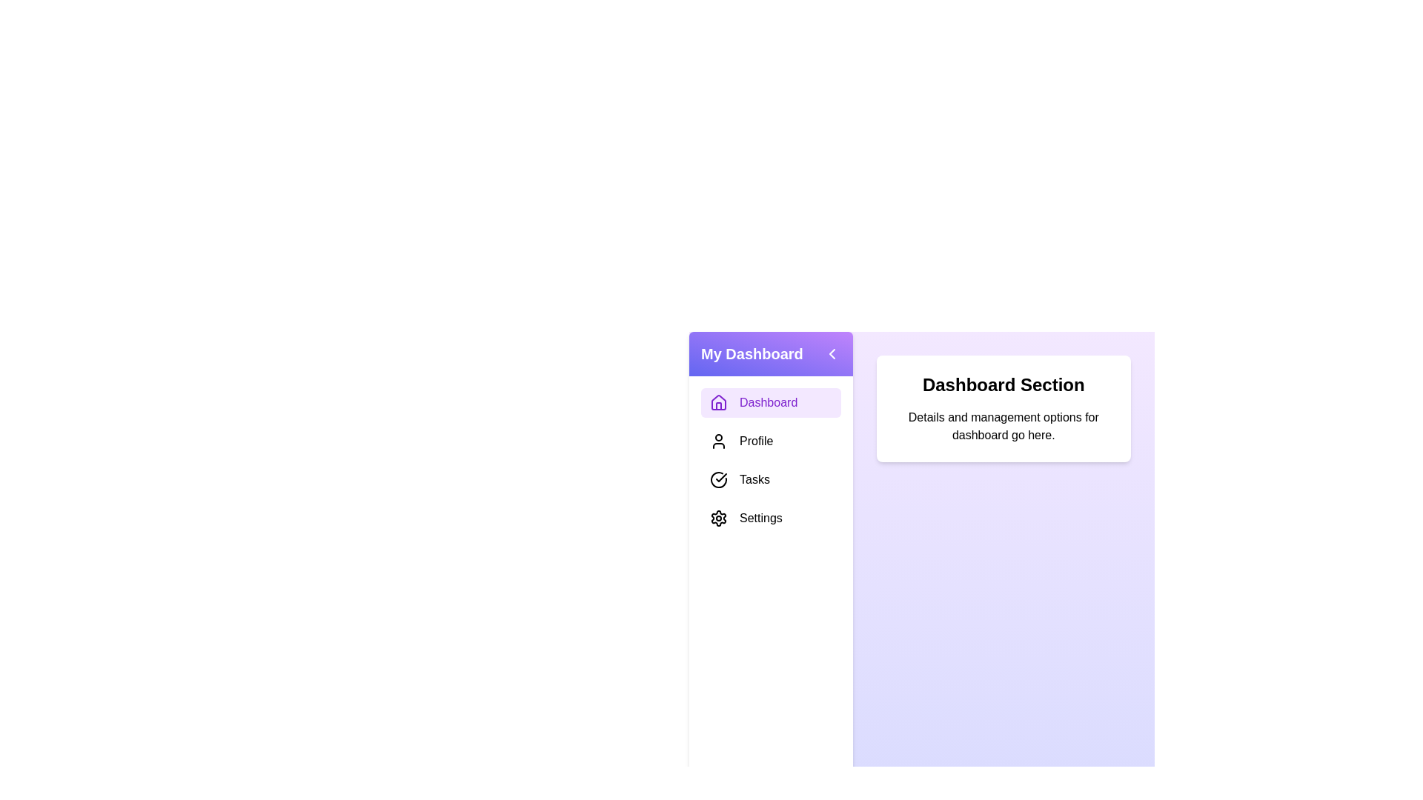  I want to click on the 'Profile' text menu item located in the vertical menu on the left side of the interface, so click(755, 441).